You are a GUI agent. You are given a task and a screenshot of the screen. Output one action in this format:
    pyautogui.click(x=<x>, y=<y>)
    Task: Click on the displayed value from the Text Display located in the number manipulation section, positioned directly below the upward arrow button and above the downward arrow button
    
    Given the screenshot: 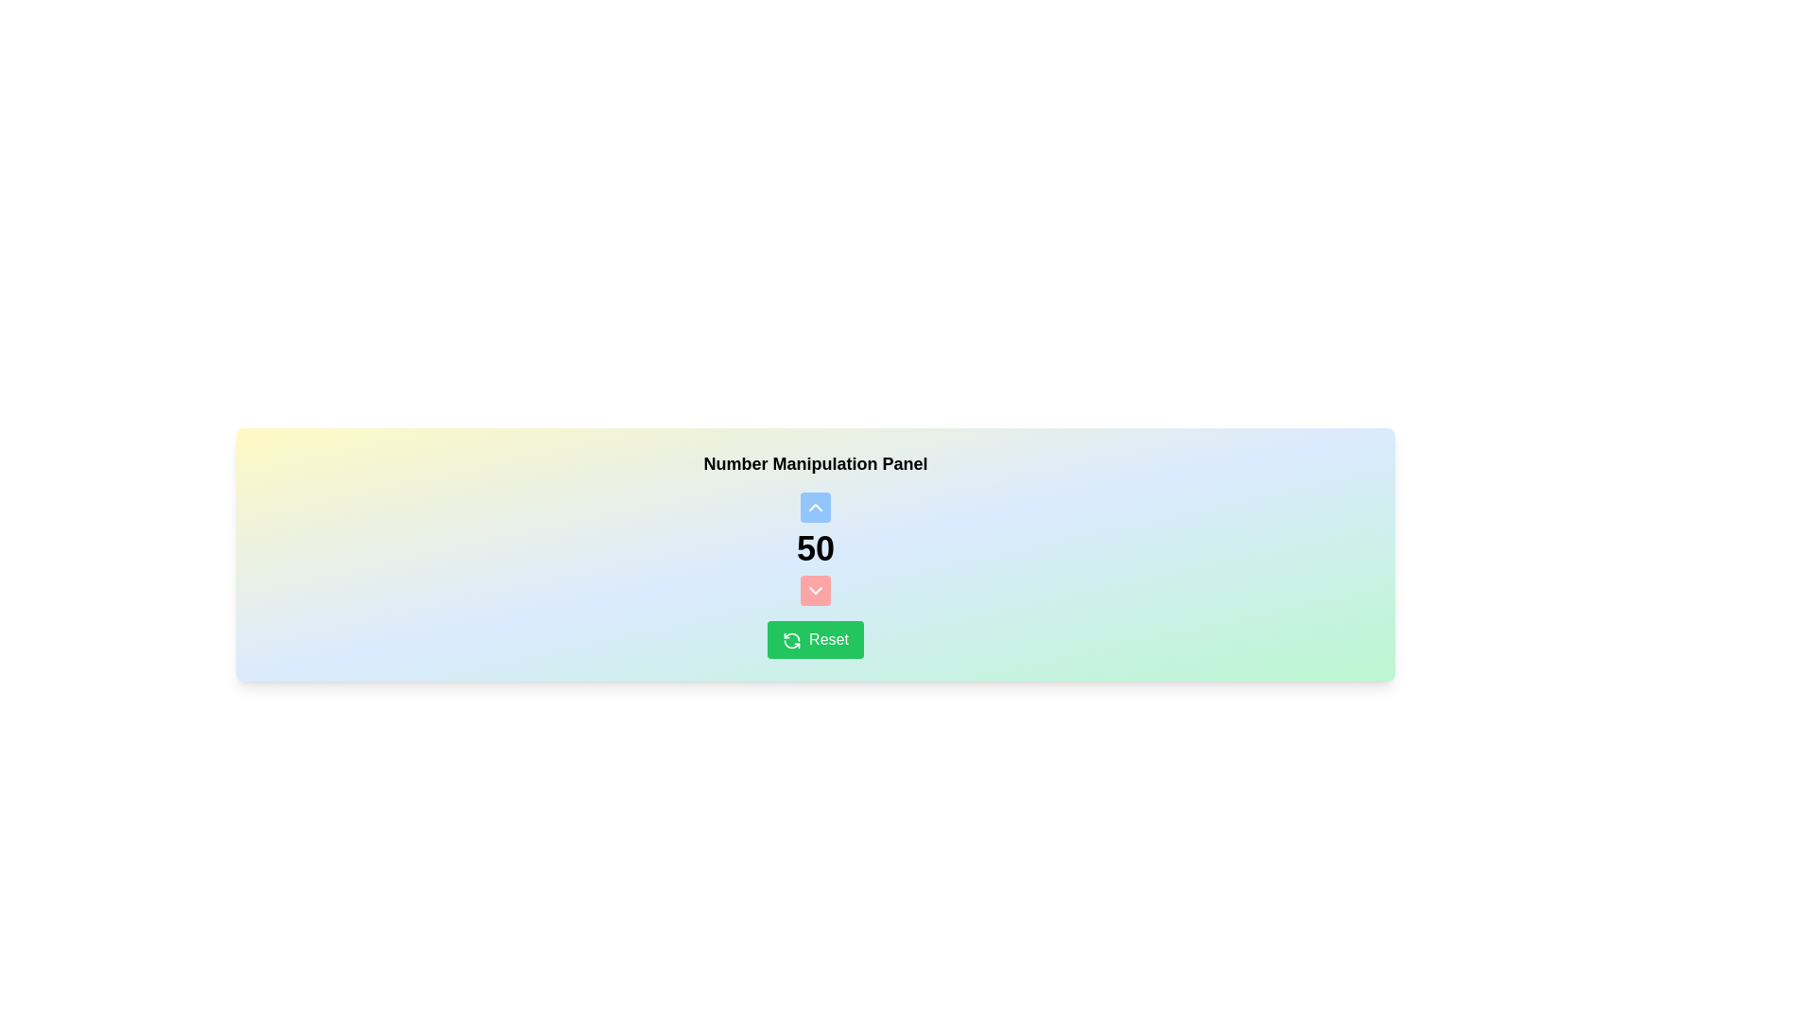 What is the action you would take?
    pyautogui.click(x=816, y=549)
    